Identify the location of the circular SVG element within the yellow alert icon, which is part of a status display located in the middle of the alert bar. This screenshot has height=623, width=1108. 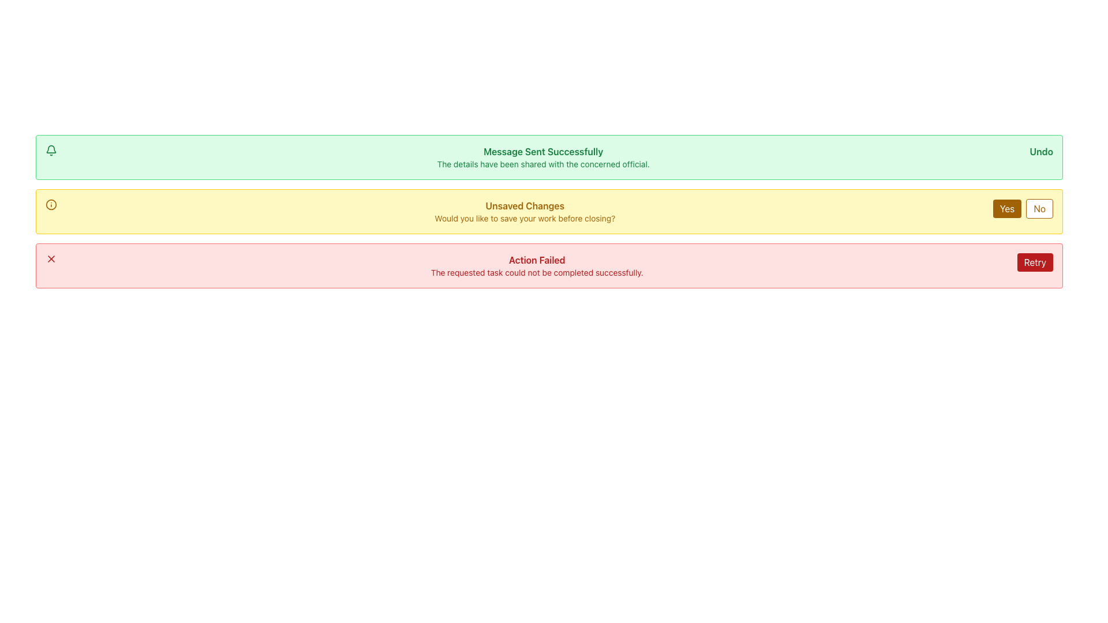
(51, 204).